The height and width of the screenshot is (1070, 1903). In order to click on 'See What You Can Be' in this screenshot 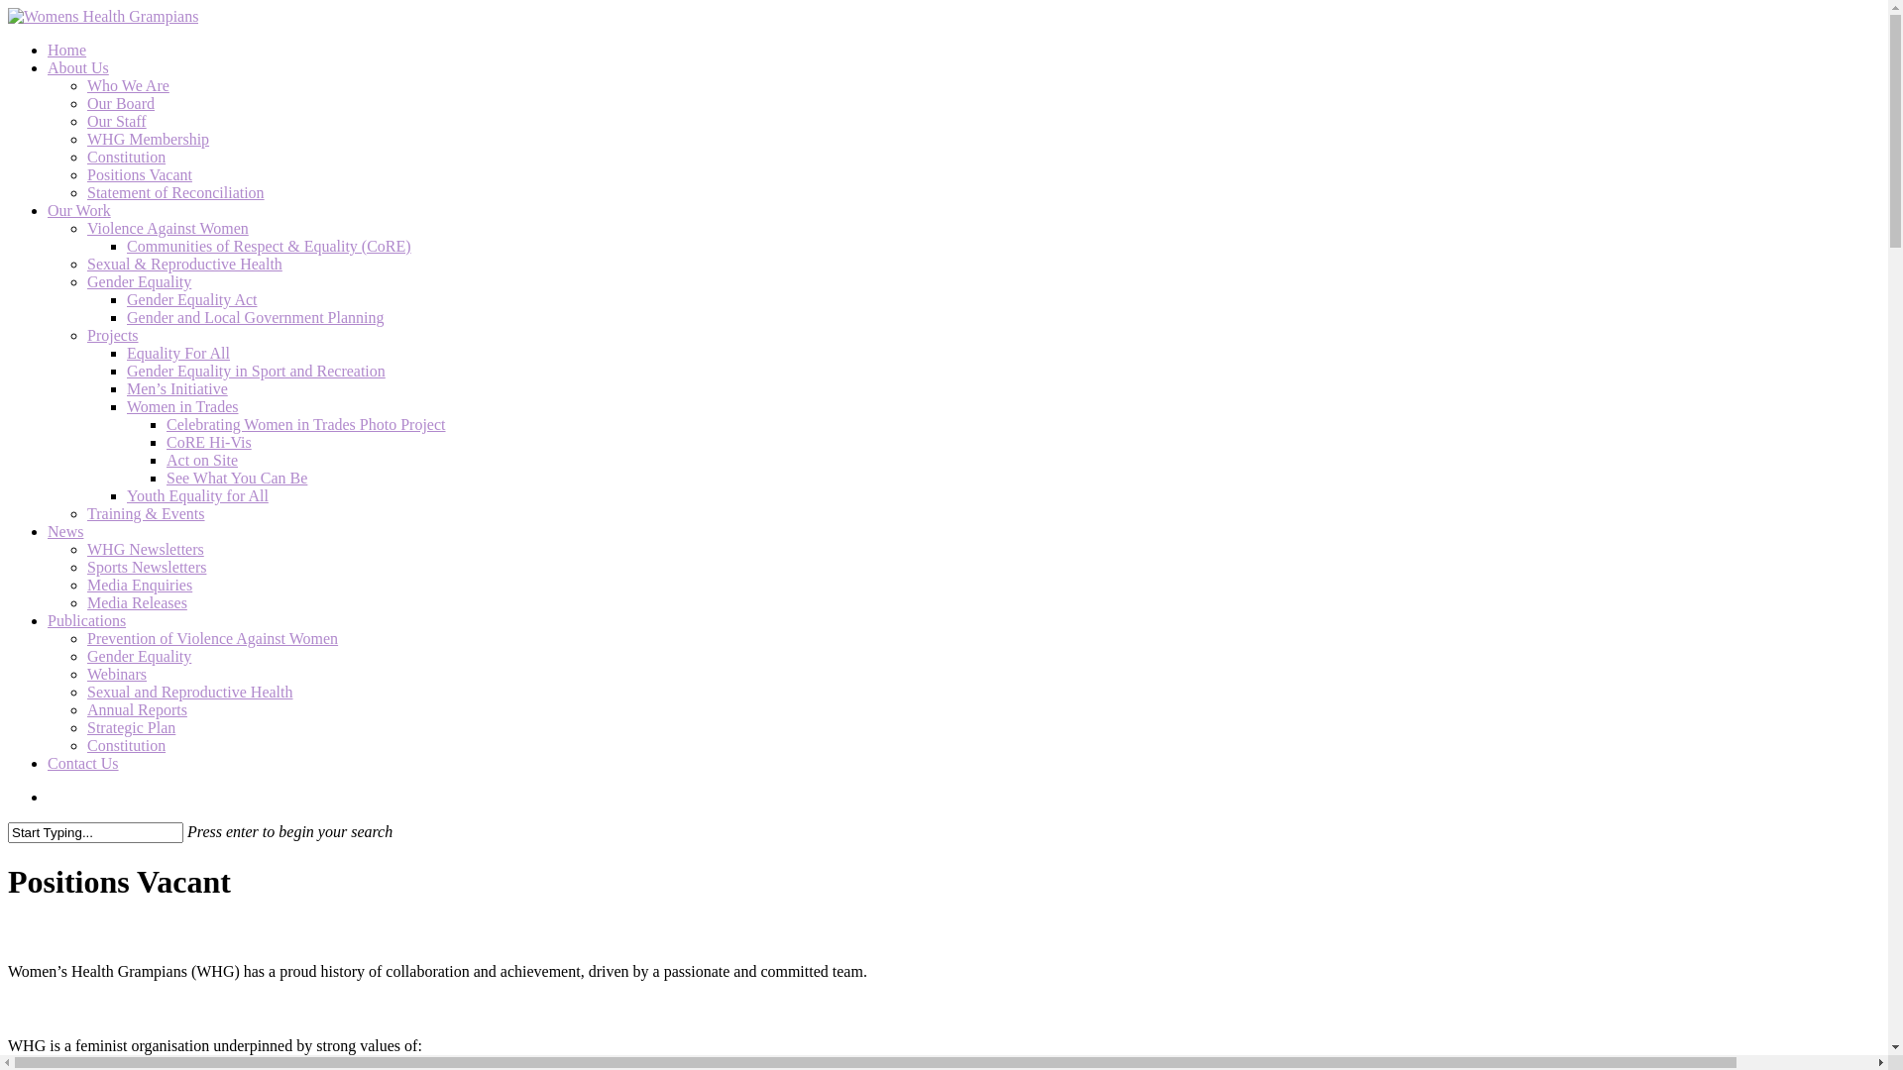, I will do `click(237, 478)`.